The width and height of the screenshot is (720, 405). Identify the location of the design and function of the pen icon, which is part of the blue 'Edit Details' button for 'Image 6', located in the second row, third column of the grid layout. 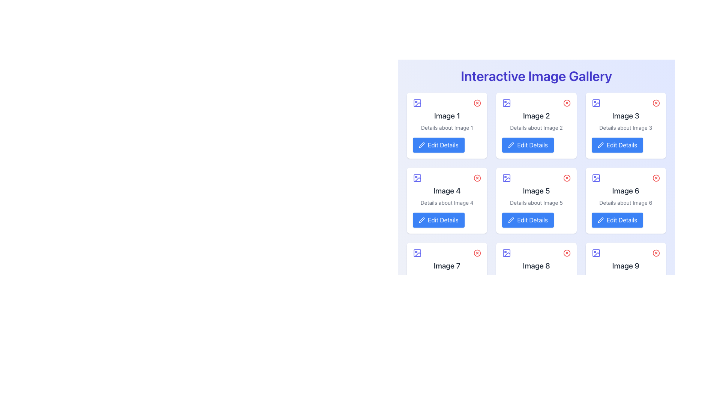
(600, 219).